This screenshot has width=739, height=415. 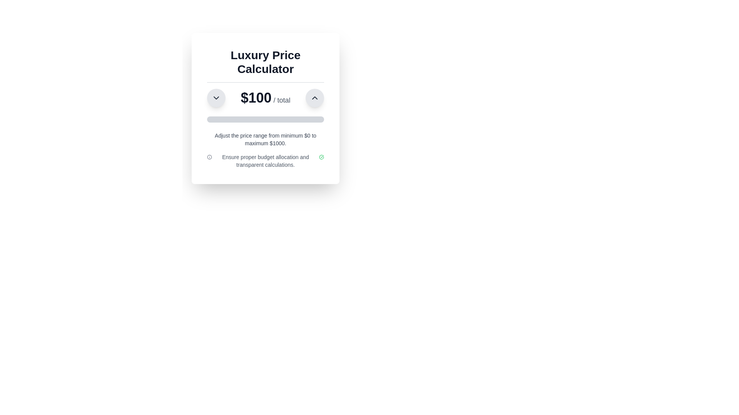 I want to click on the price range, so click(x=221, y=120).